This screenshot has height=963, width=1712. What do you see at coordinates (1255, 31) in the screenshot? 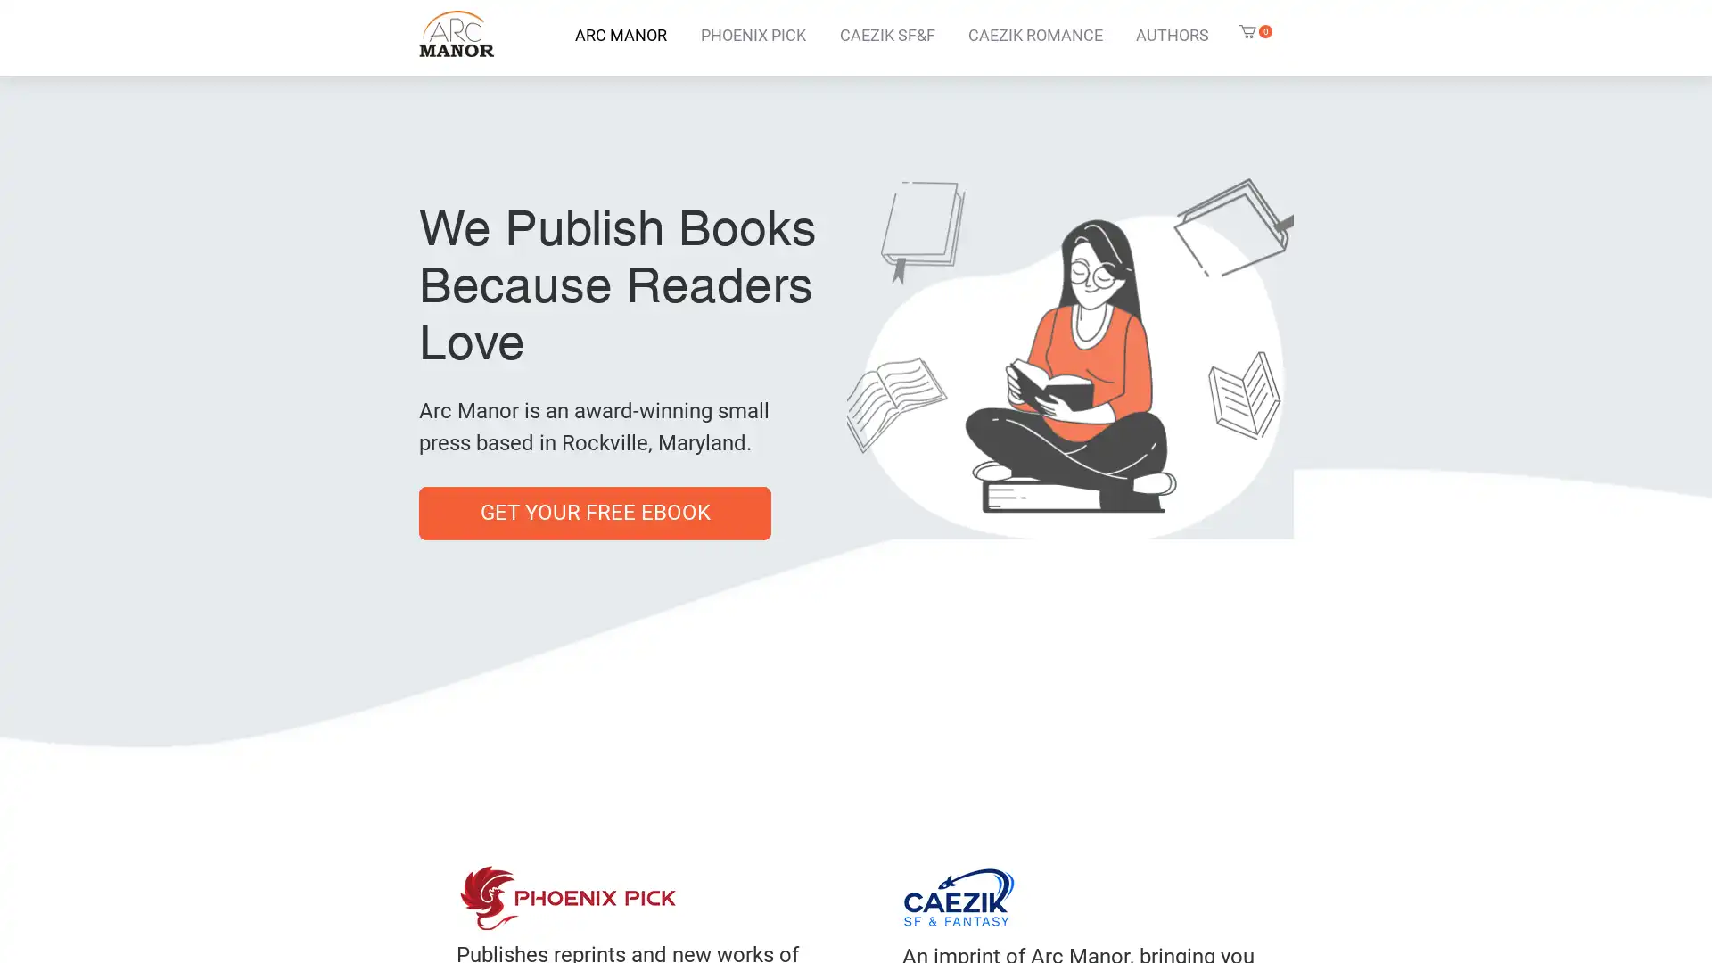
I see `Cart with 0 items` at bounding box center [1255, 31].